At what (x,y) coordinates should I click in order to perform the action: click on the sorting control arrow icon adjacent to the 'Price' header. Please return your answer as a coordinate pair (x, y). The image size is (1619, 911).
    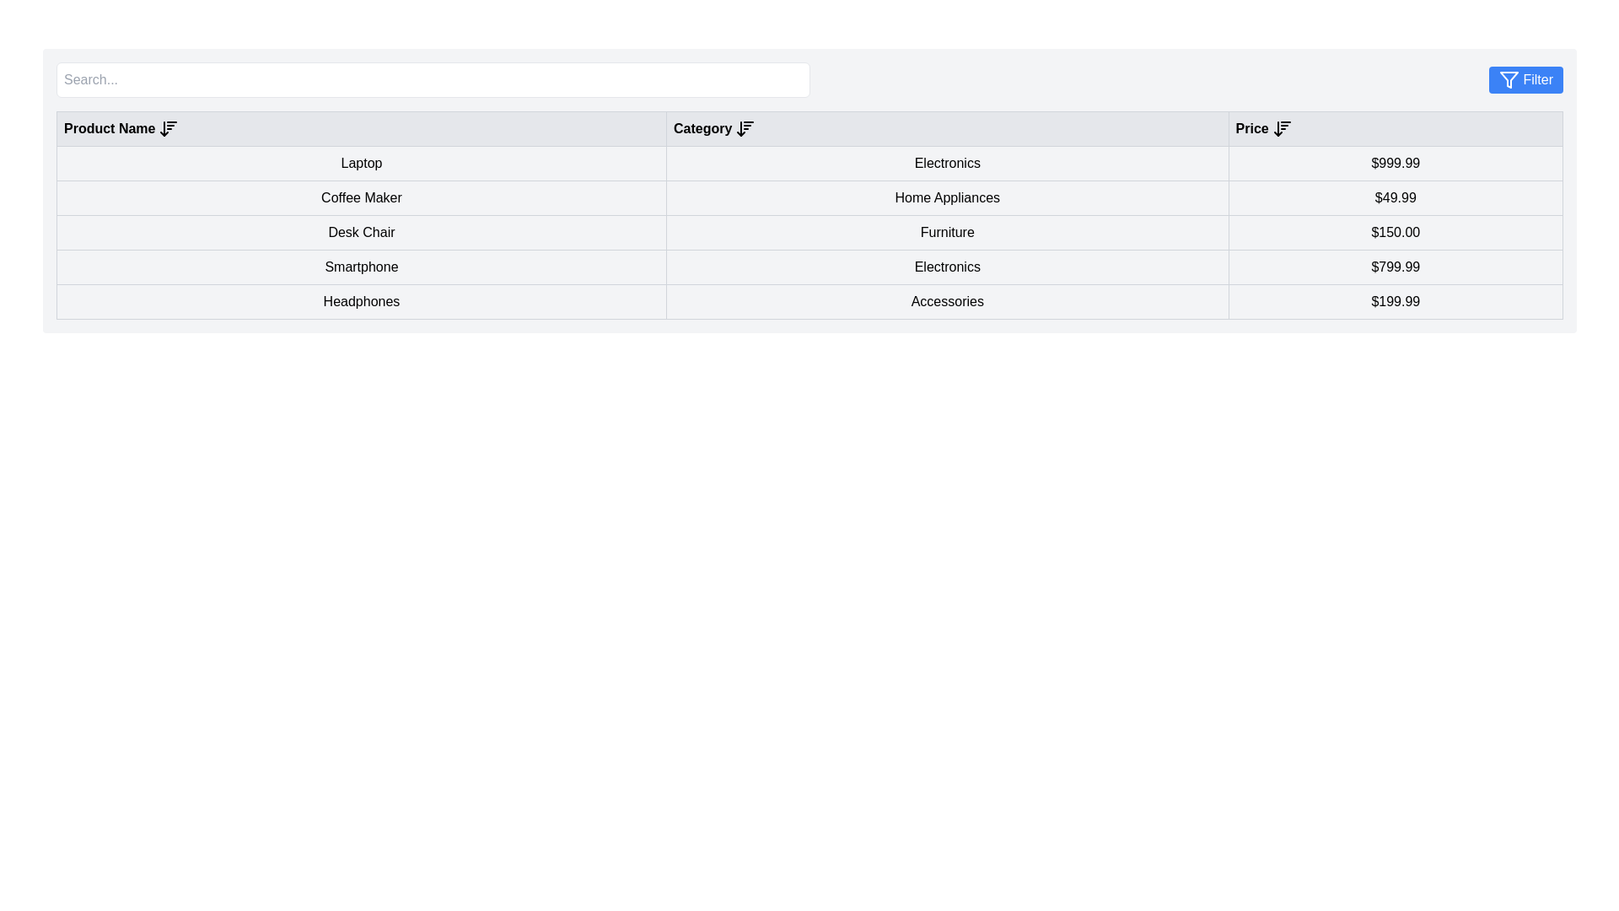
    Looking at the image, I should click on (1282, 128).